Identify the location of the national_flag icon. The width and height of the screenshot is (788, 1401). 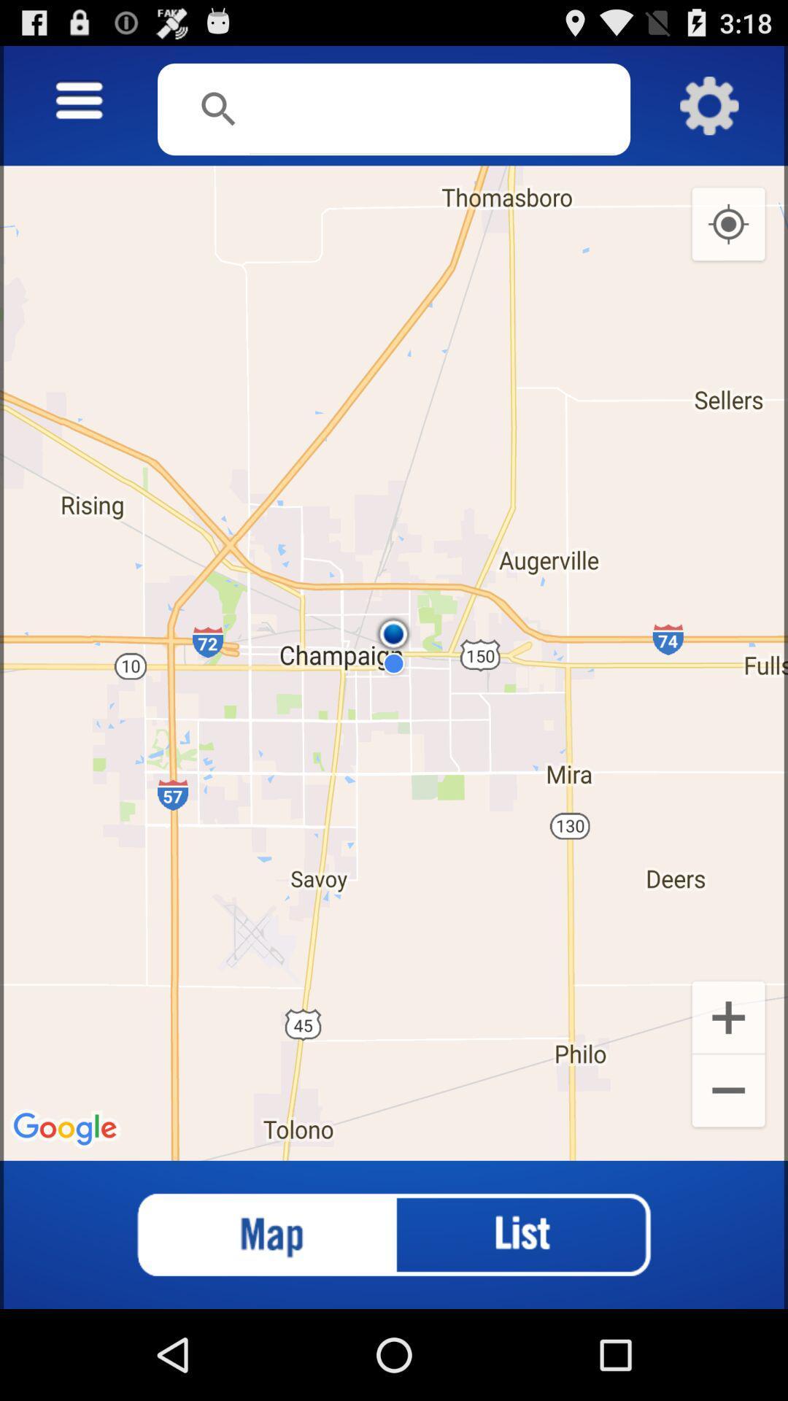
(252, 1321).